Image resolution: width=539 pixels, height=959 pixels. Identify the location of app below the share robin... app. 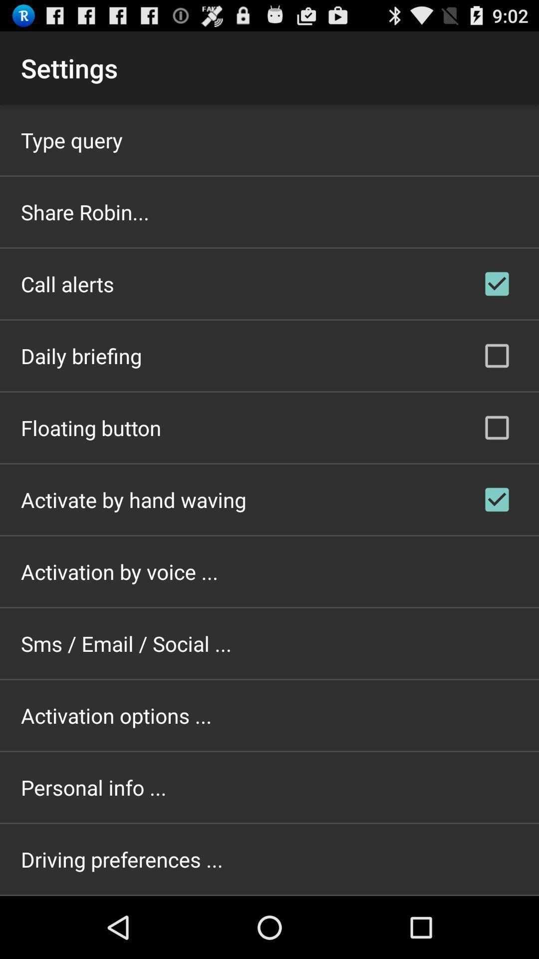
(67, 283).